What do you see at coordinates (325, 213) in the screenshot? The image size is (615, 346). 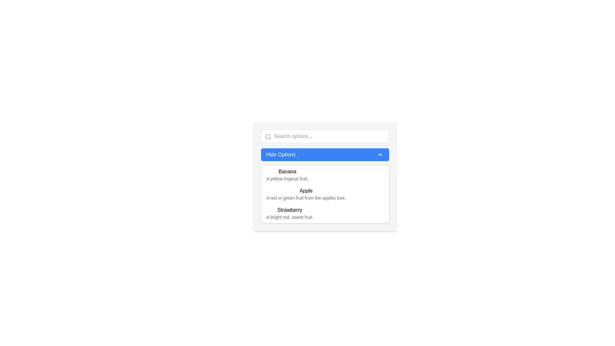 I see `the selectable option 'Strawberry' in the dropdown menu` at bounding box center [325, 213].